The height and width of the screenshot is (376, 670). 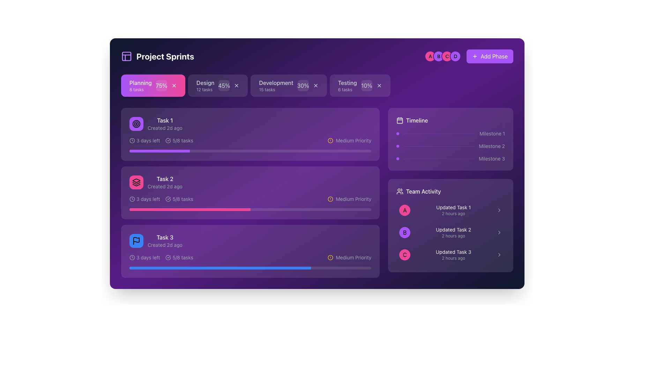 I want to click on the first task's progress bar segment, which visually represents the first 25% of the total progress achieved for the task, so click(x=159, y=151).